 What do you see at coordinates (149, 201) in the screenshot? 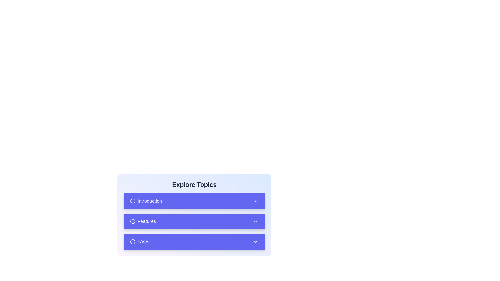
I see `the 'Introduction' text label which is styled in white on a blue background, positioned next to an information icon in the 'Explore Topics' section` at bounding box center [149, 201].